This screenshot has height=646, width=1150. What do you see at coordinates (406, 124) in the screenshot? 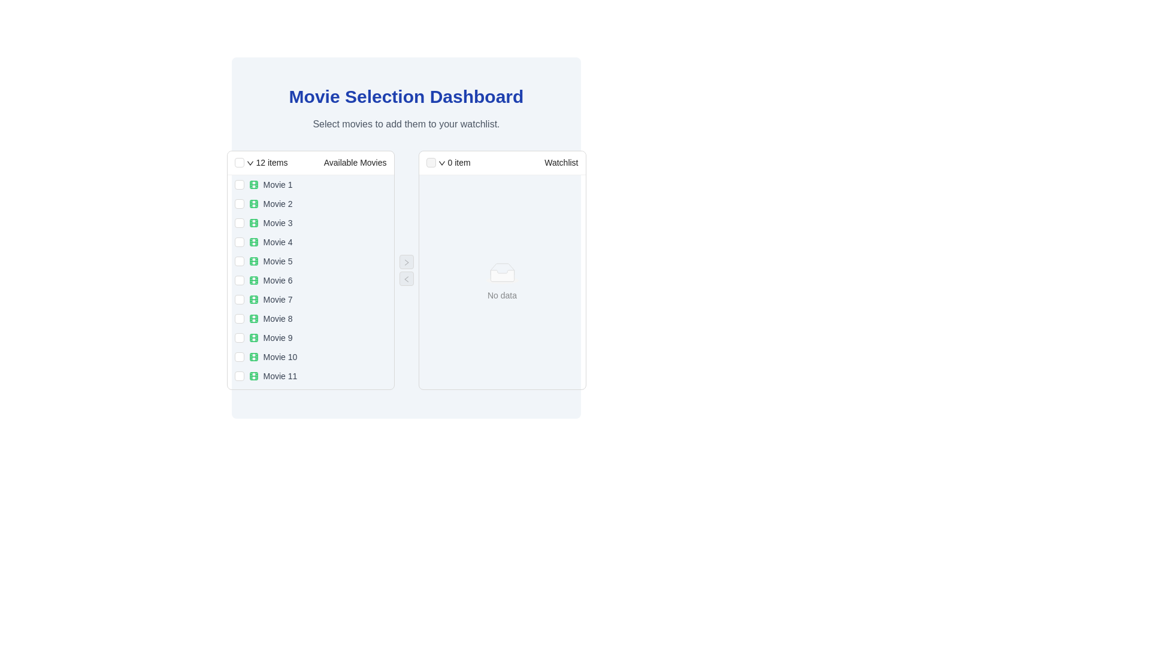
I see `text from the Text Label that displays 'Select movies to add them to your watchlist.', which is styled in gray and located below the 'Movie Selection Dashboard' title` at bounding box center [406, 124].